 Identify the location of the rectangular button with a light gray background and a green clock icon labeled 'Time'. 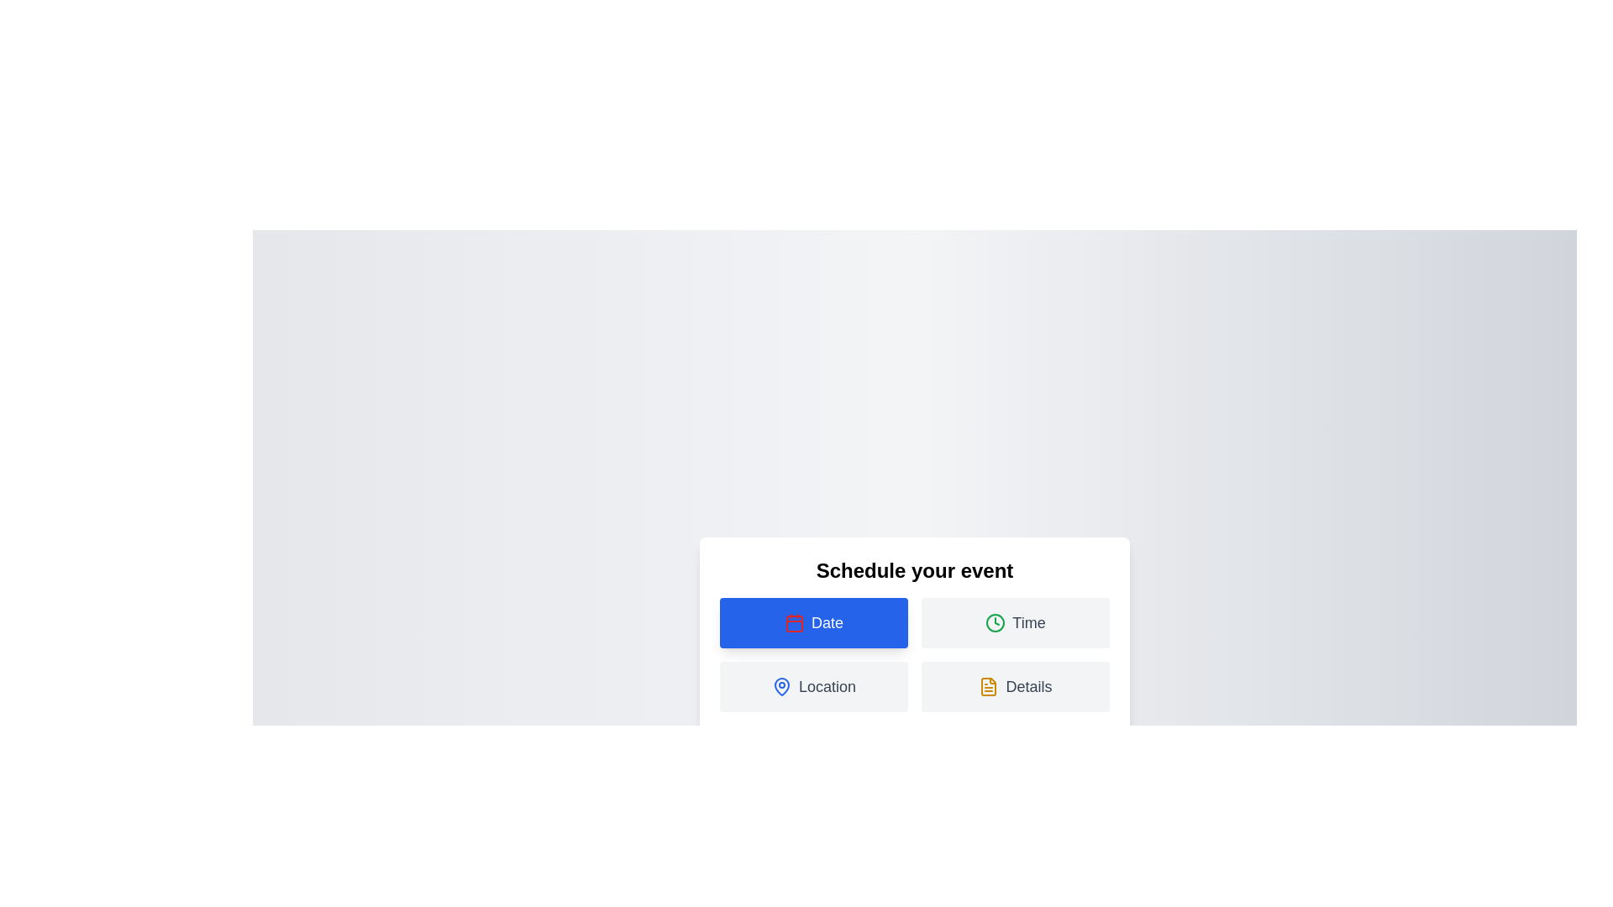
(1015, 622).